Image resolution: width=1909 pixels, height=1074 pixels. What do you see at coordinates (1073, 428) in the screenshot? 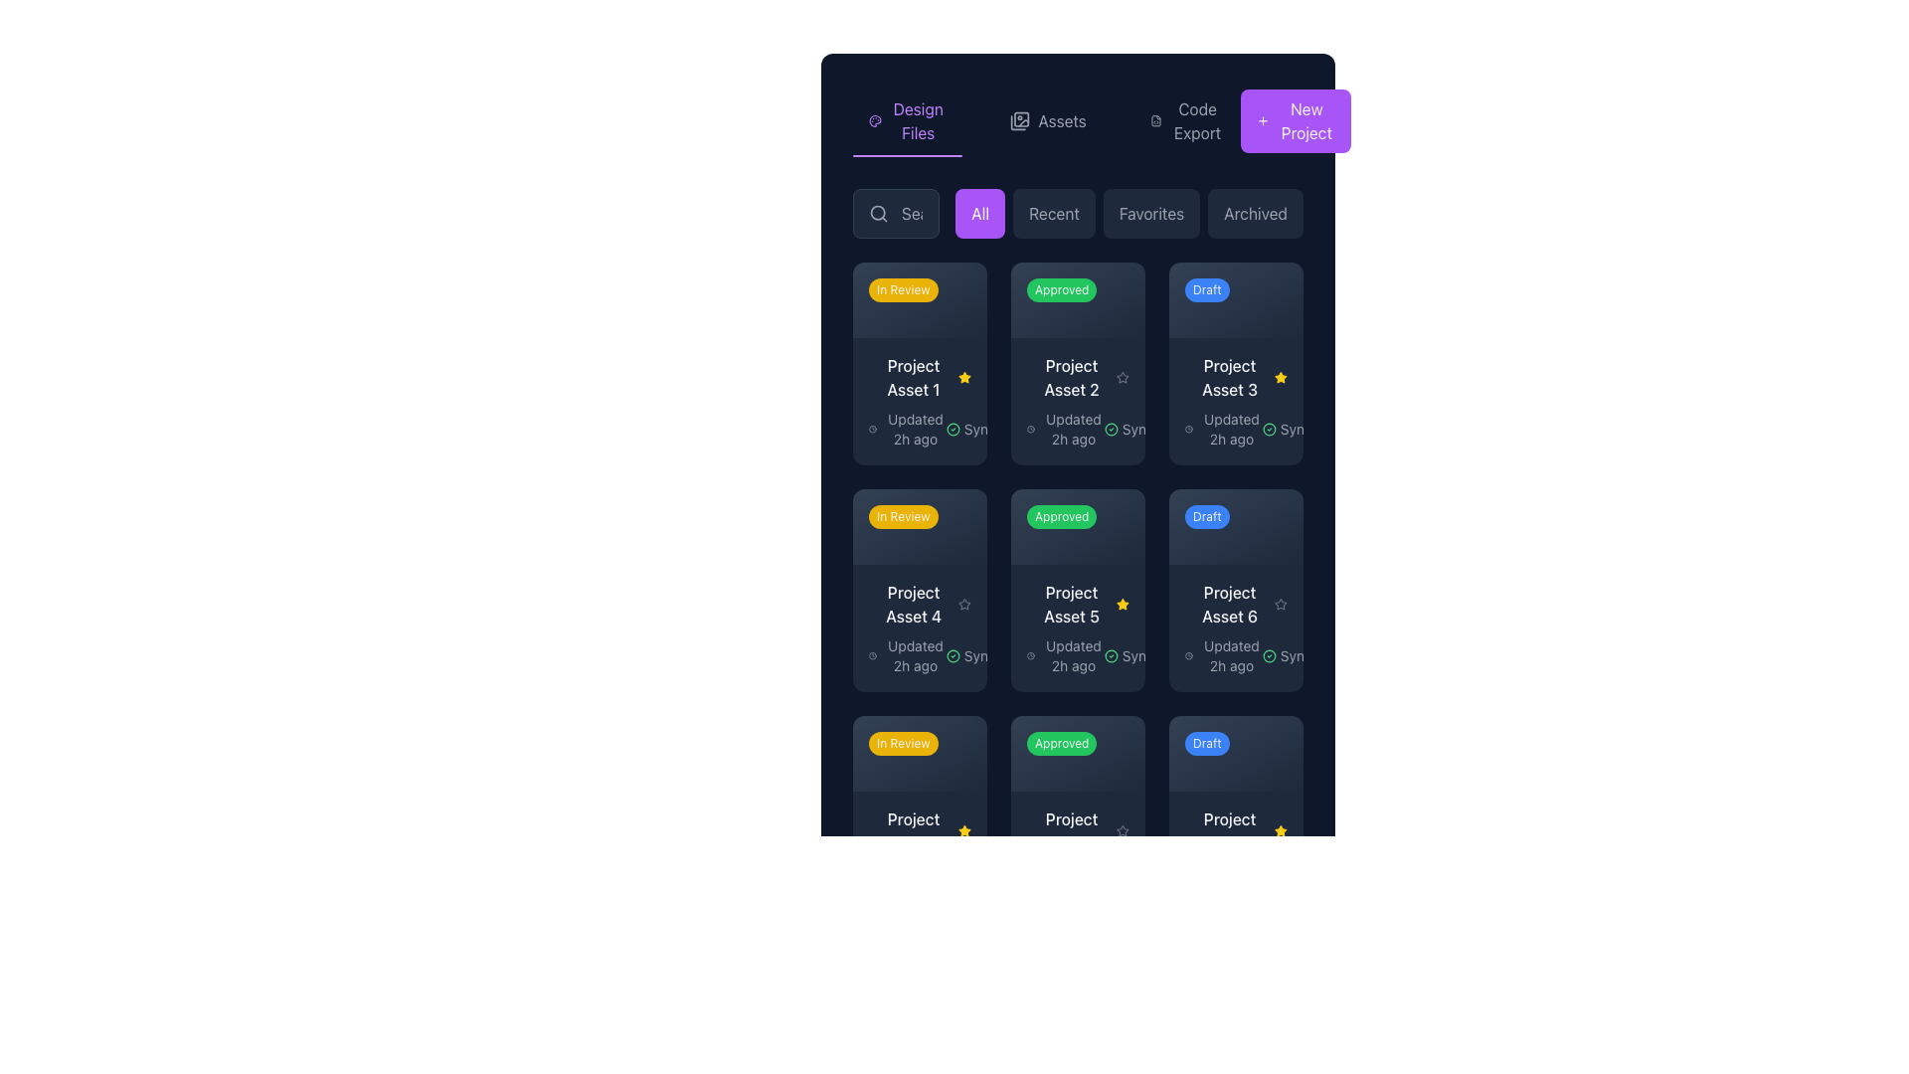
I see `the static text label that provides a time-stamp-like update for the 'Project Asset 2' card located in the bottom part of the card in the second column of the grid layout` at bounding box center [1073, 428].